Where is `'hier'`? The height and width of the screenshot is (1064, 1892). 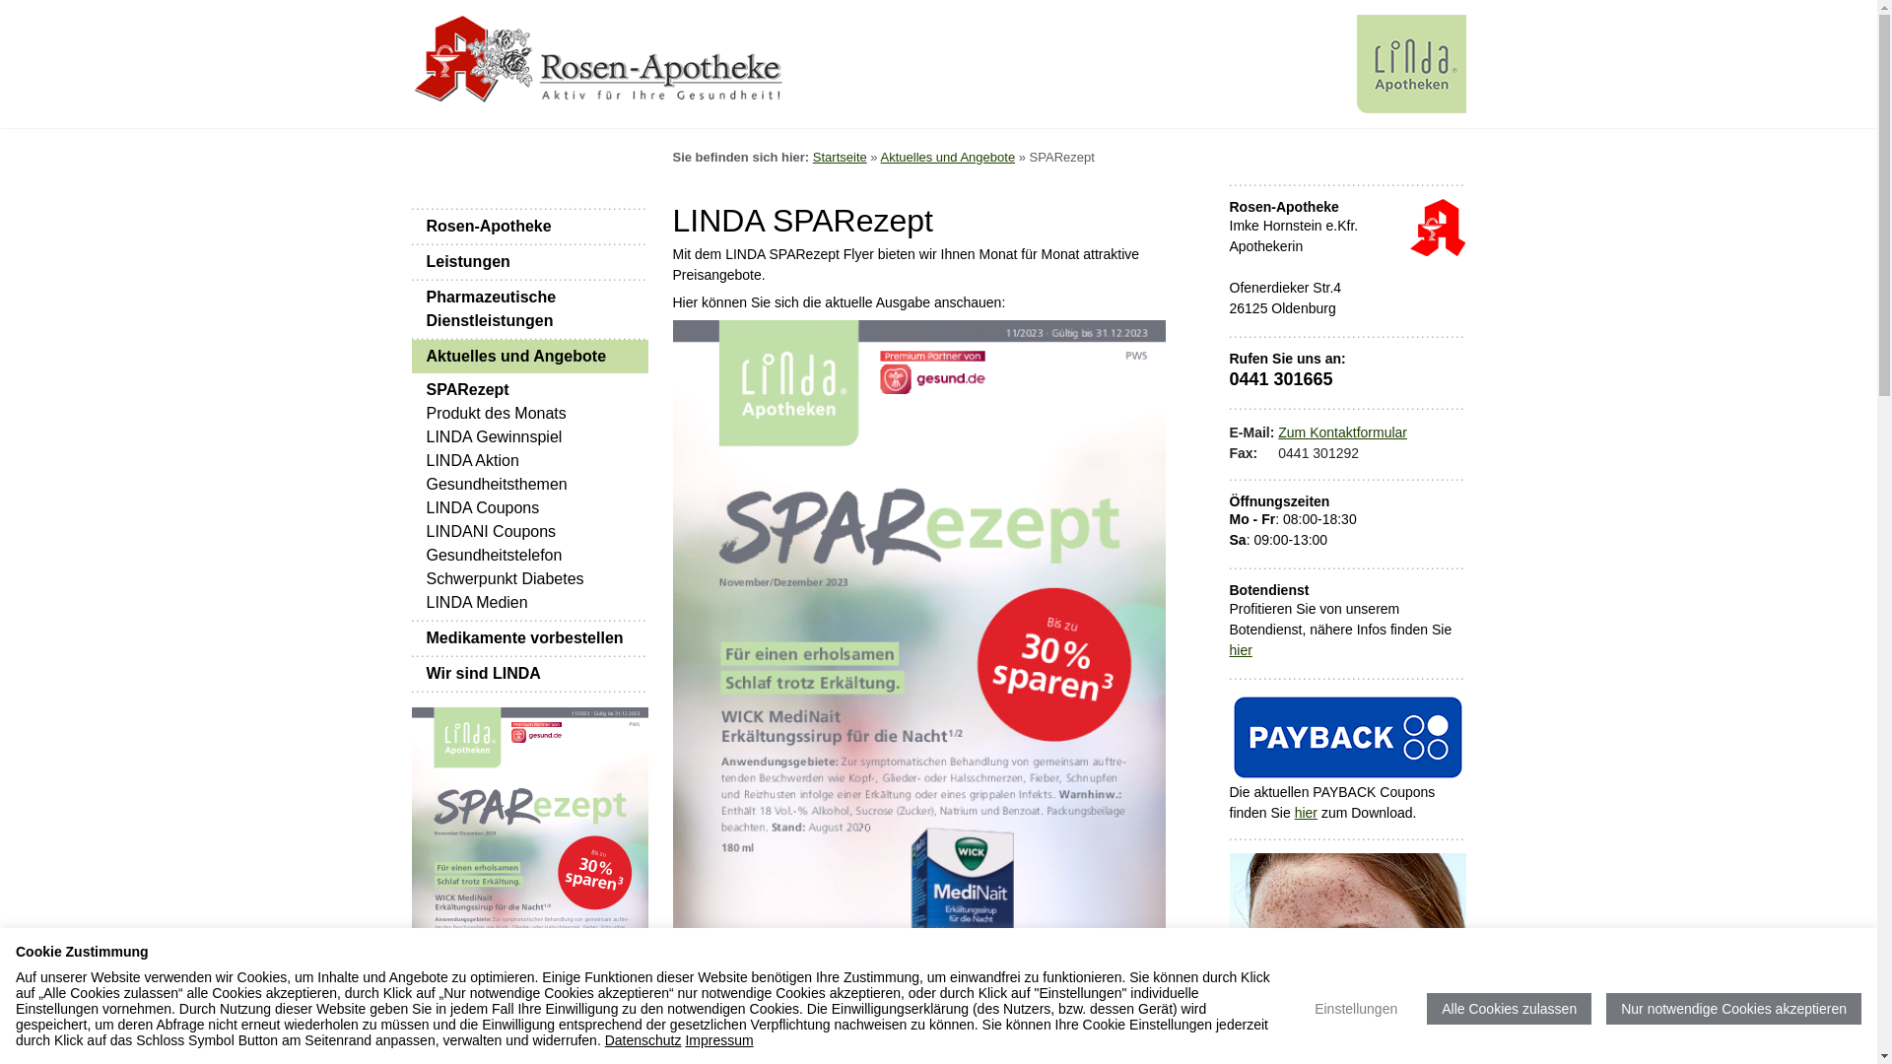
'hier' is located at coordinates (1240, 649).